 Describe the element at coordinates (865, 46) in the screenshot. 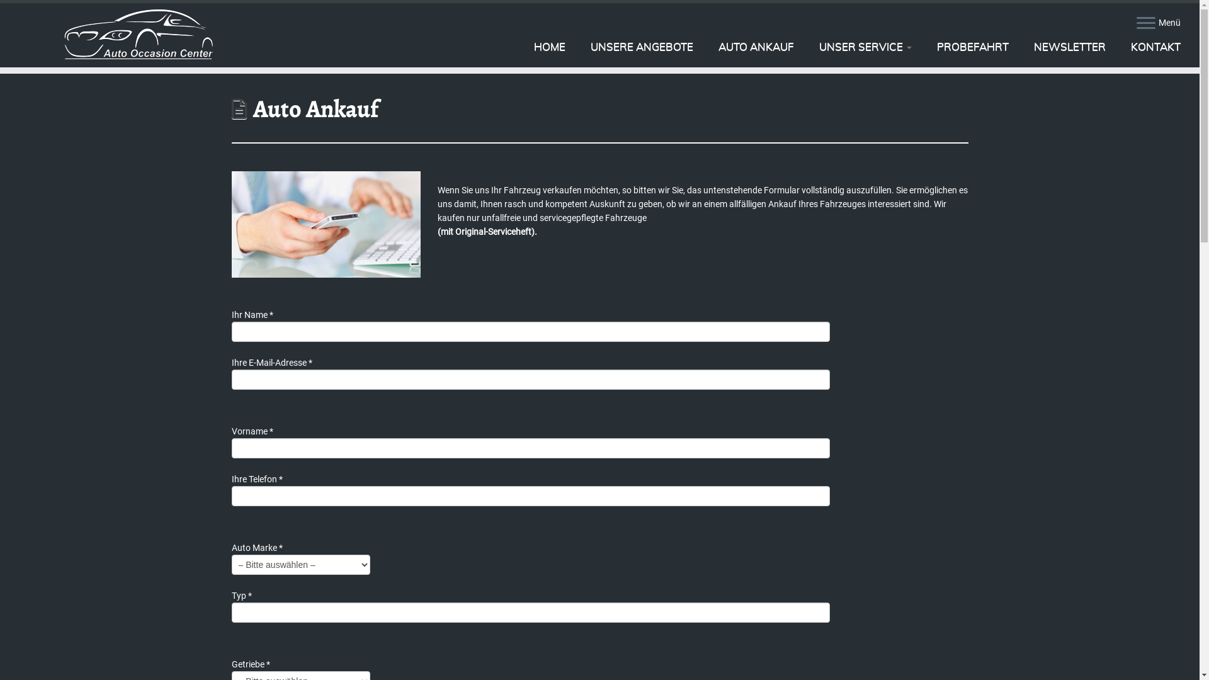

I see `'UNSER SERVICE'` at that location.